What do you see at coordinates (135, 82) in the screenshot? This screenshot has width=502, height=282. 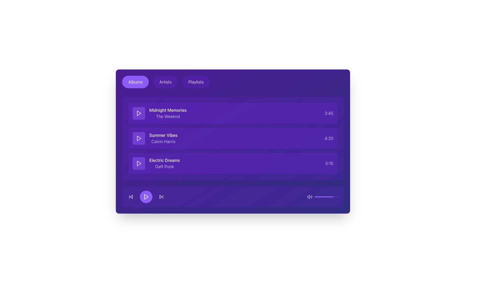 I see `the pill-shaped button labeled 'Albums' with a filled violet background to switch tabs` at bounding box center [135, 82].